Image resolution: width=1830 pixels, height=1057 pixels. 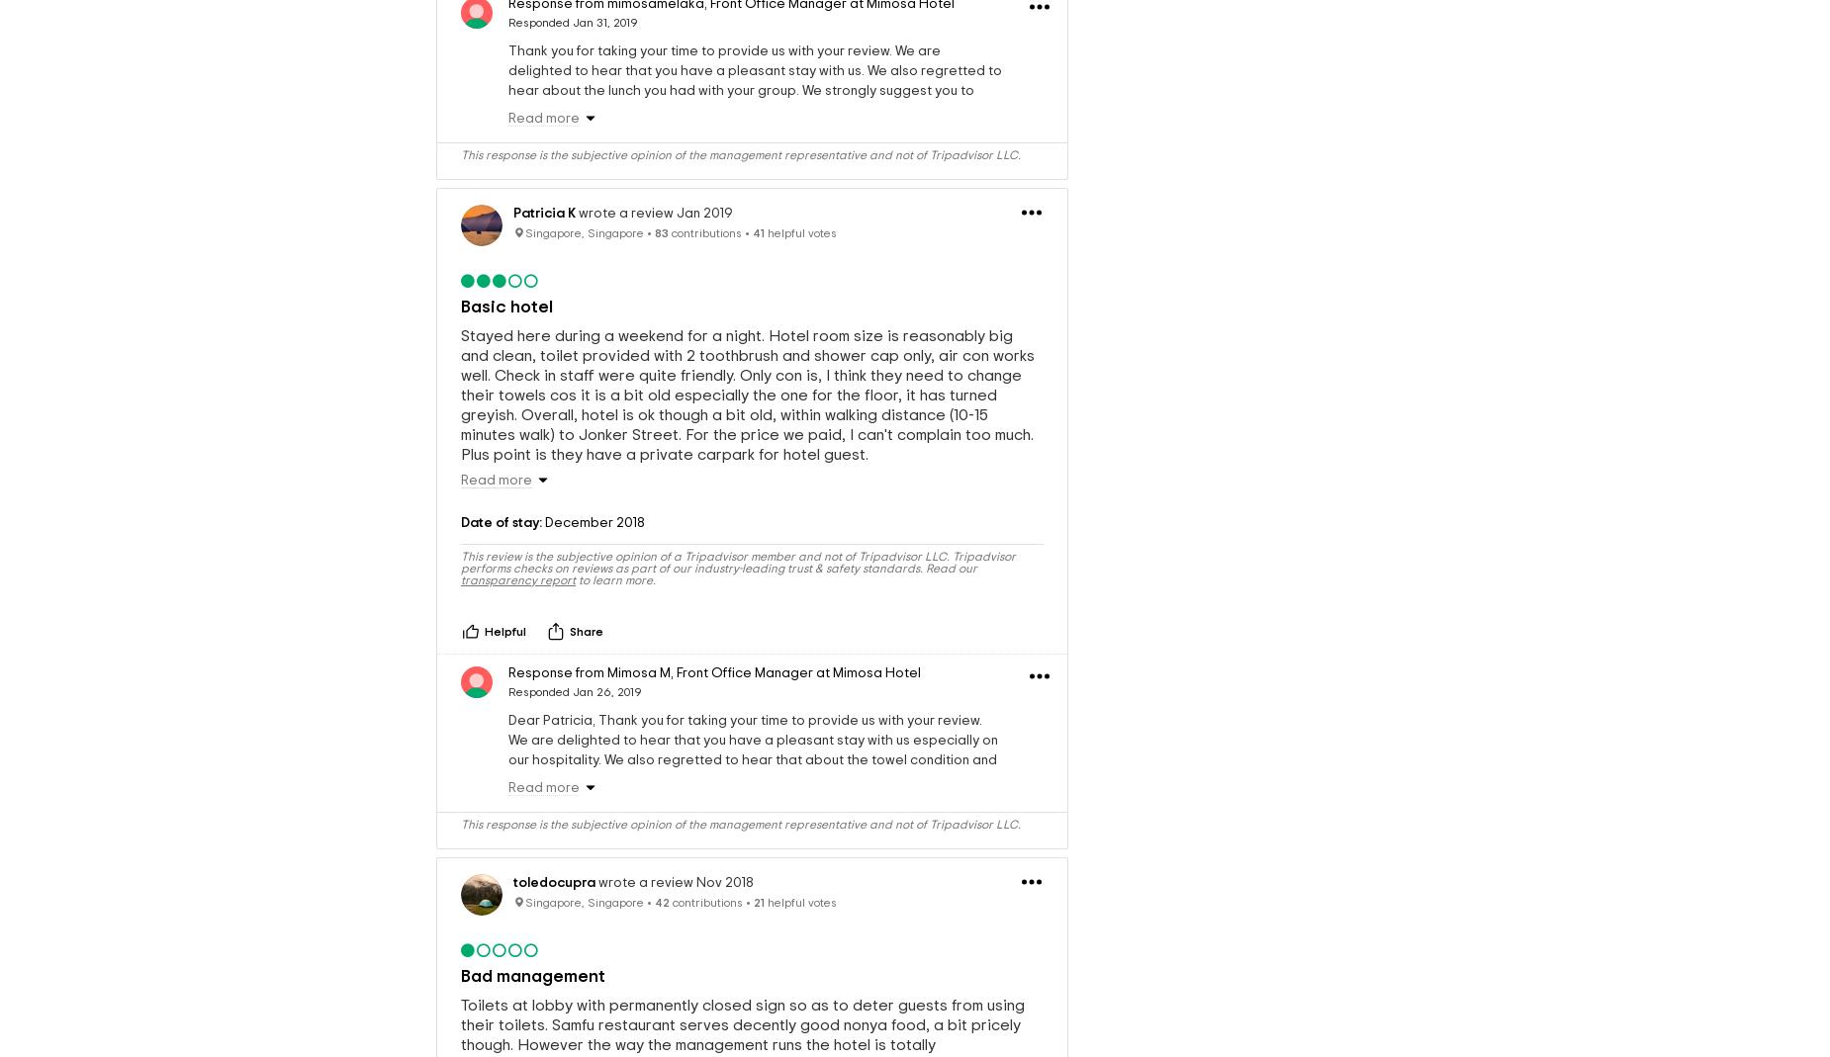 What do you see at coordinates (671, 670) in the screenshot?
I see `','` at bounding box center [671, 670].